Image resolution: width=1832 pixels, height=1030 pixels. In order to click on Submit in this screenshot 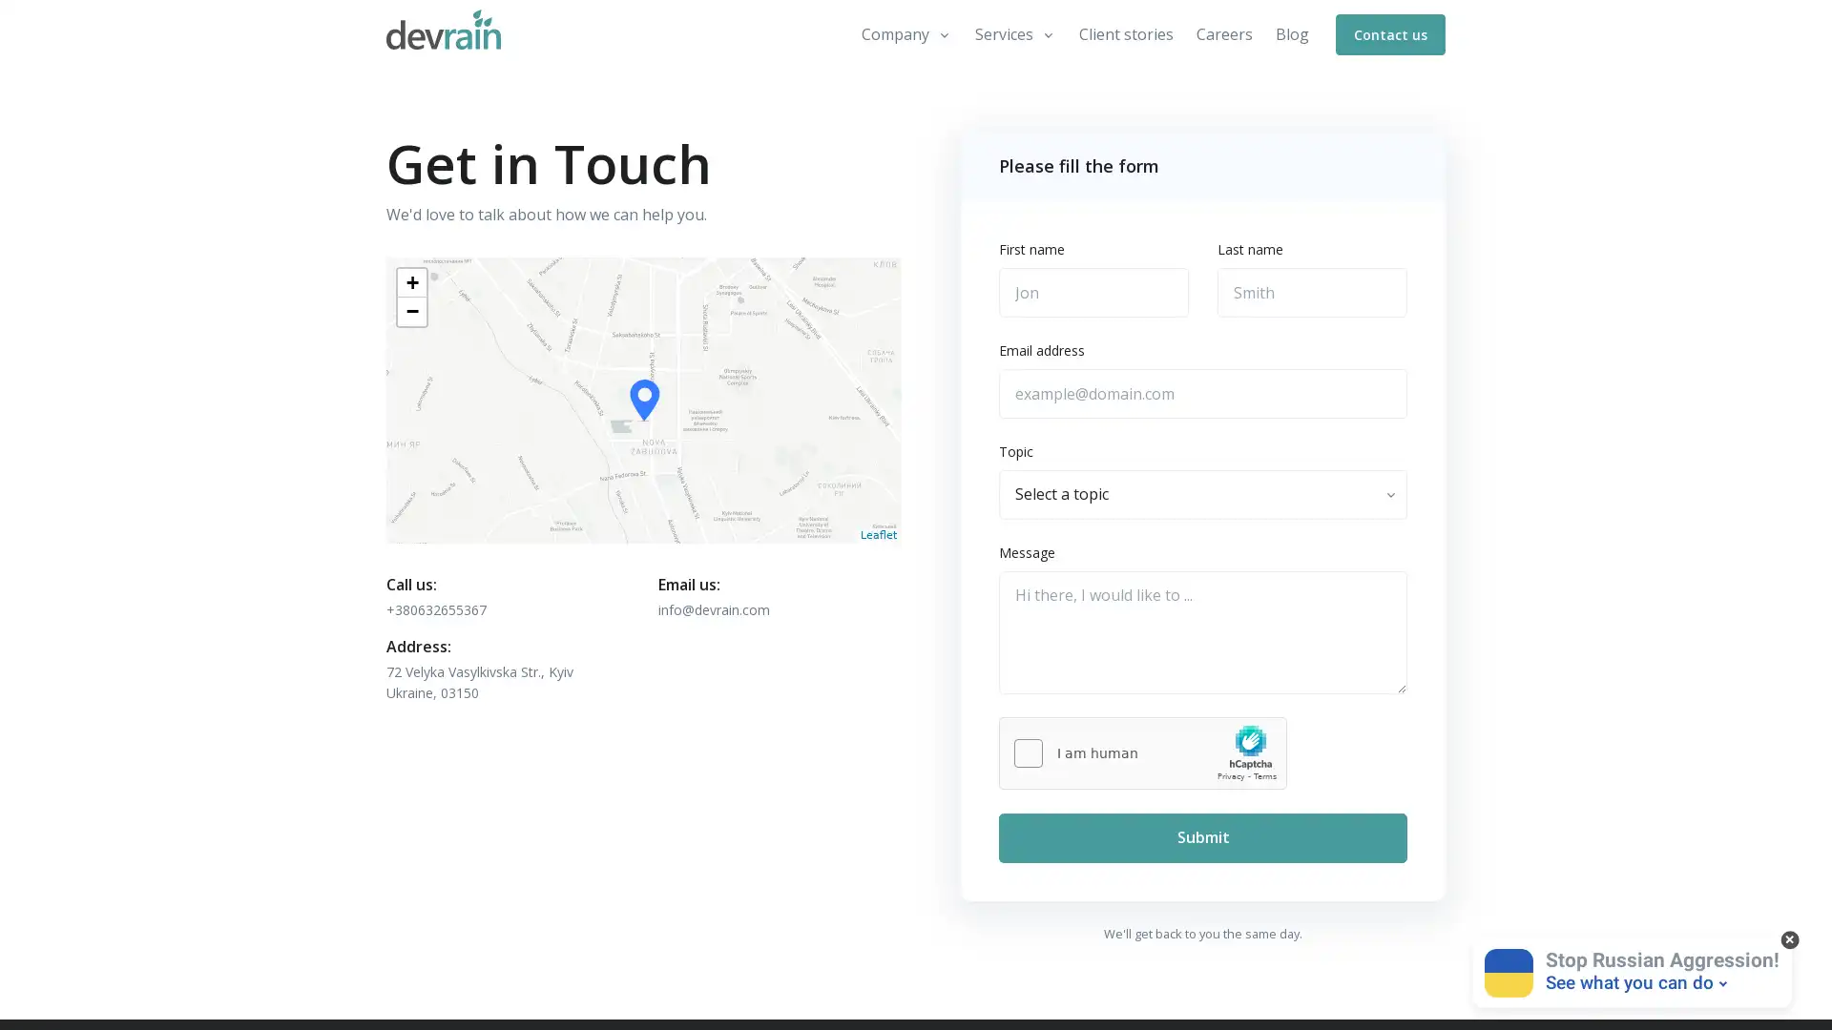, I will do `click(1202, 836)`.